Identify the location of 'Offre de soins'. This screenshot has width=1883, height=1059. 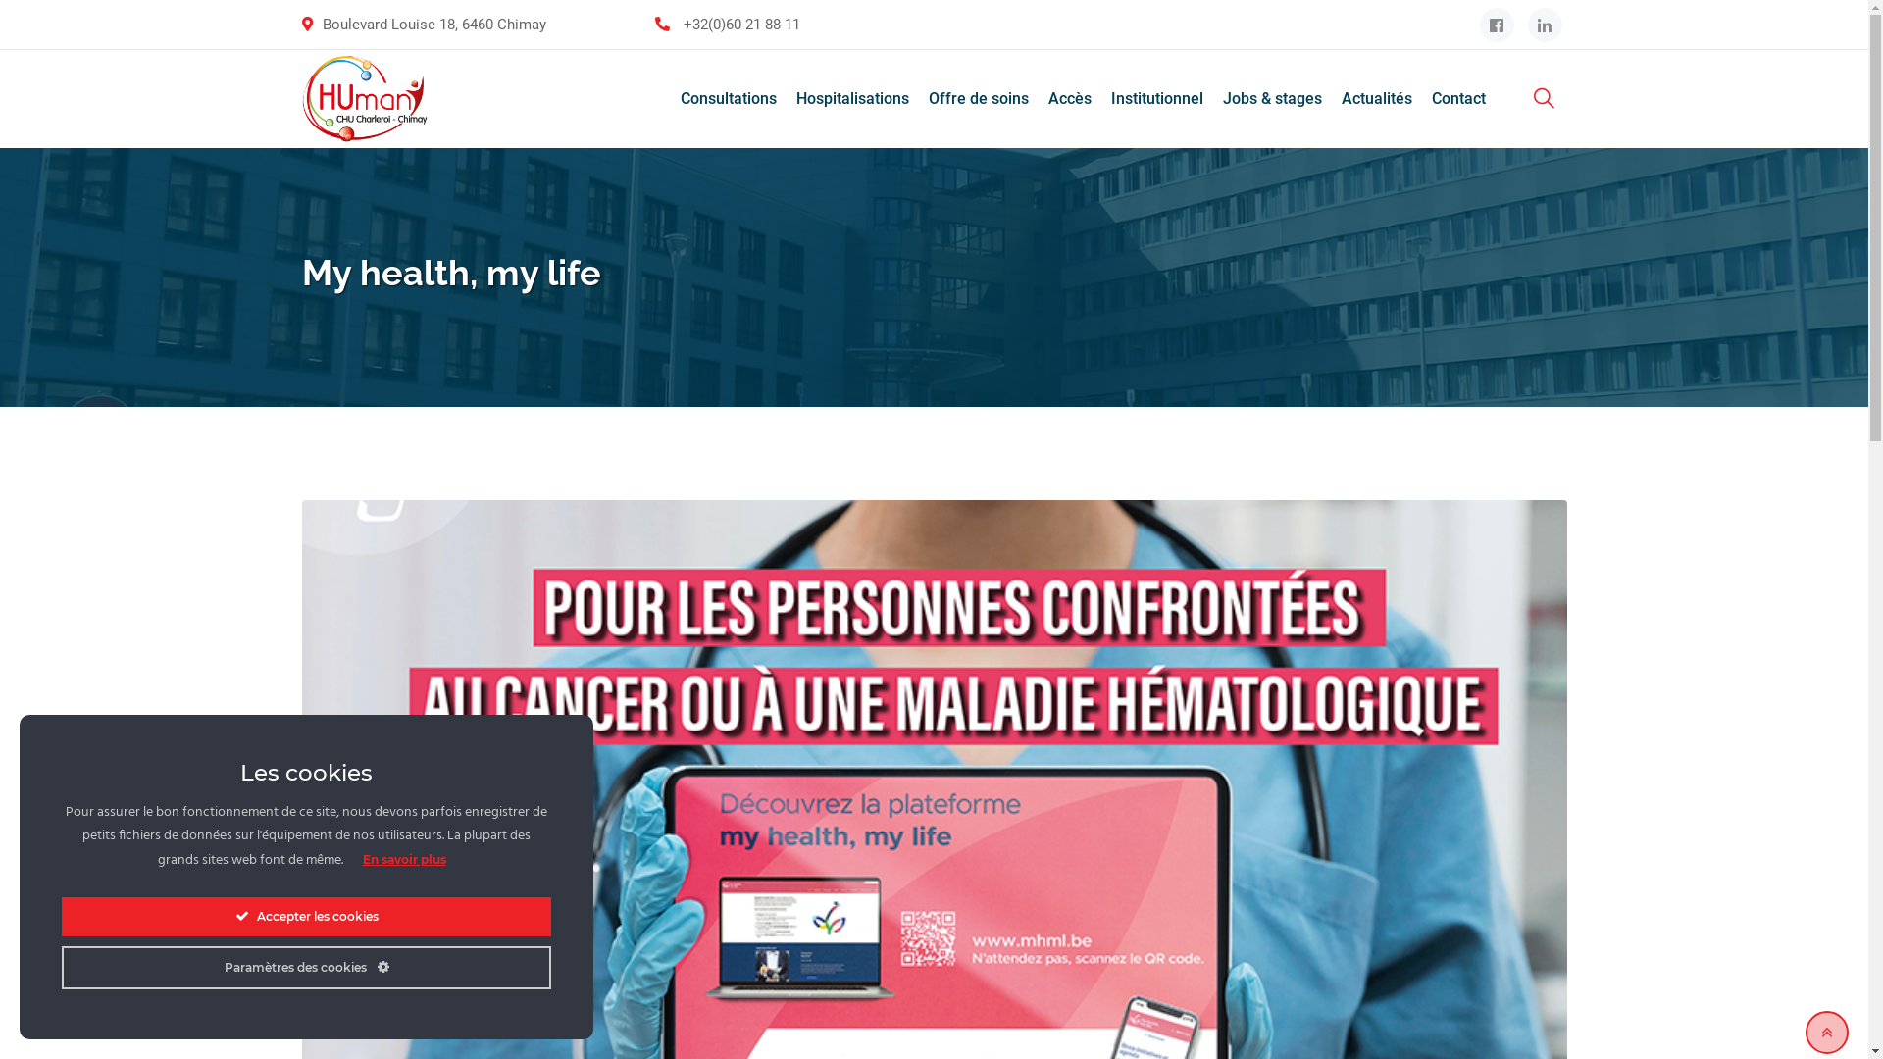
(978, 98).